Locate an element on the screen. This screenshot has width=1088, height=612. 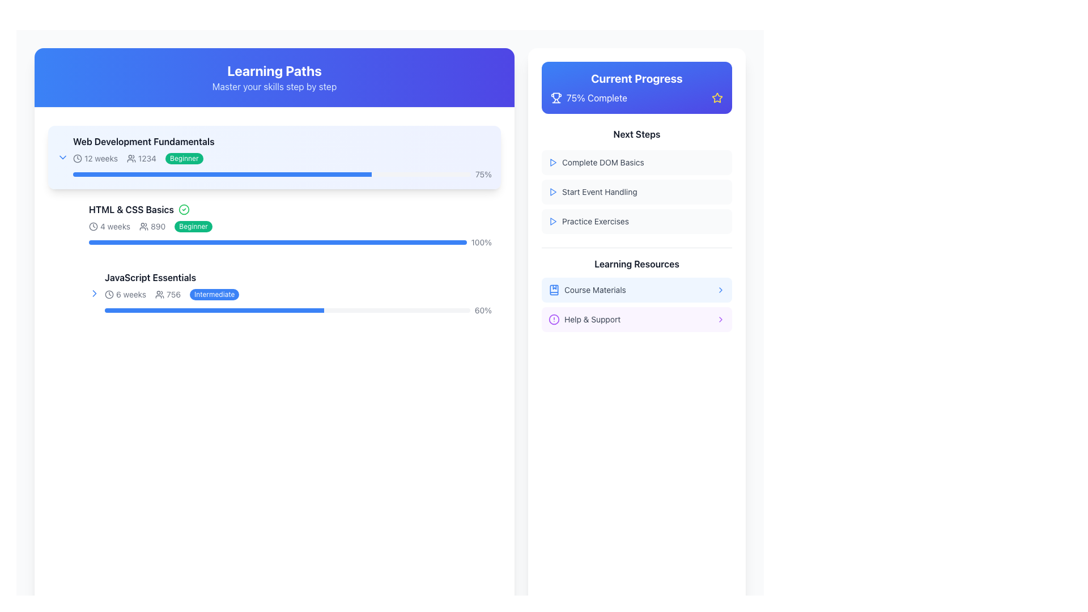
the progress bar indicating '60%' in the 'JavaScript Essentials' section, which is the third item below the labels '6 weeks', '756', and 'Intermediate' is located at coordinates (298, 310).